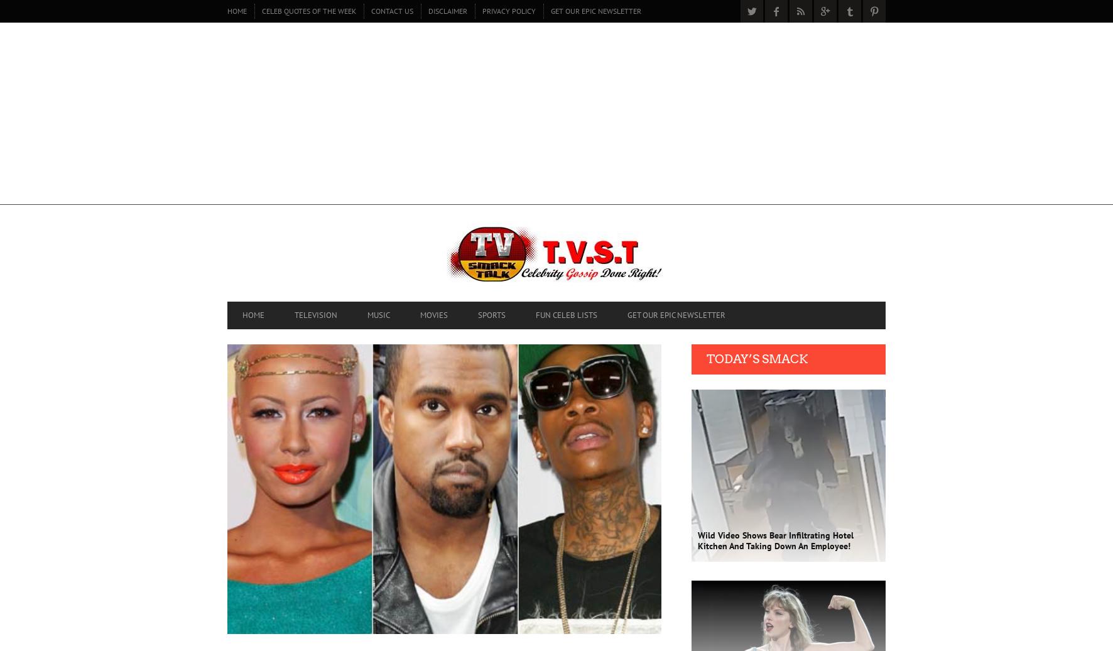 This screenshot has width=1113, height=651. Describe the element at coordinates (756, 359) in the screenshot. I see `'TODAY’S SMACK'` at that location.